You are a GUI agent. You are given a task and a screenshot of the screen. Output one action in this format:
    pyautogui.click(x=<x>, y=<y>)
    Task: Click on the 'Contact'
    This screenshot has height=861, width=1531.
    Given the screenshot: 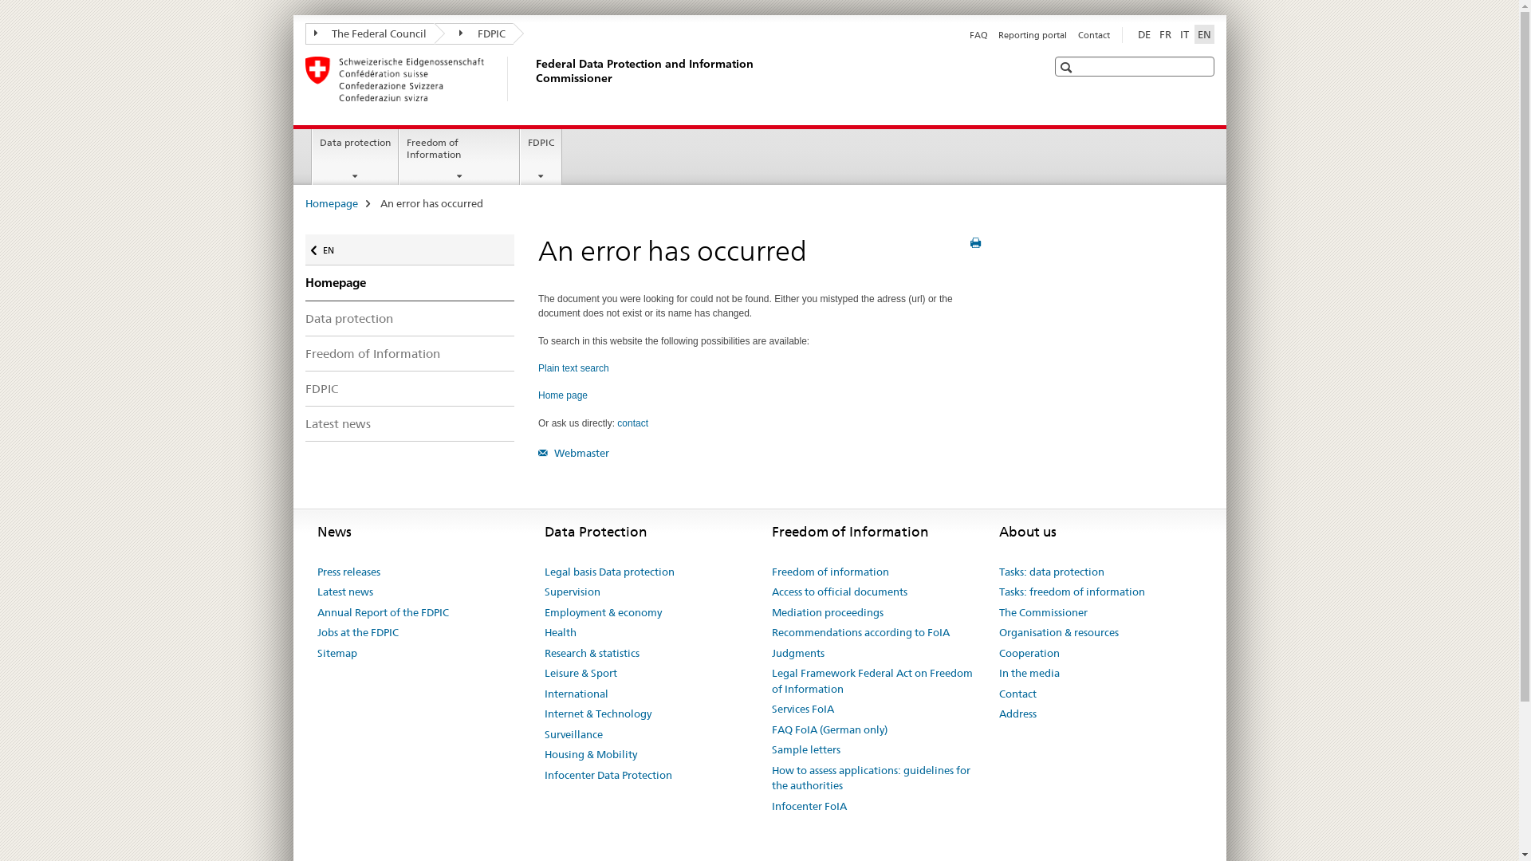 What is the action you would take?
    pyautogui.click(x=1078, y=34)
    